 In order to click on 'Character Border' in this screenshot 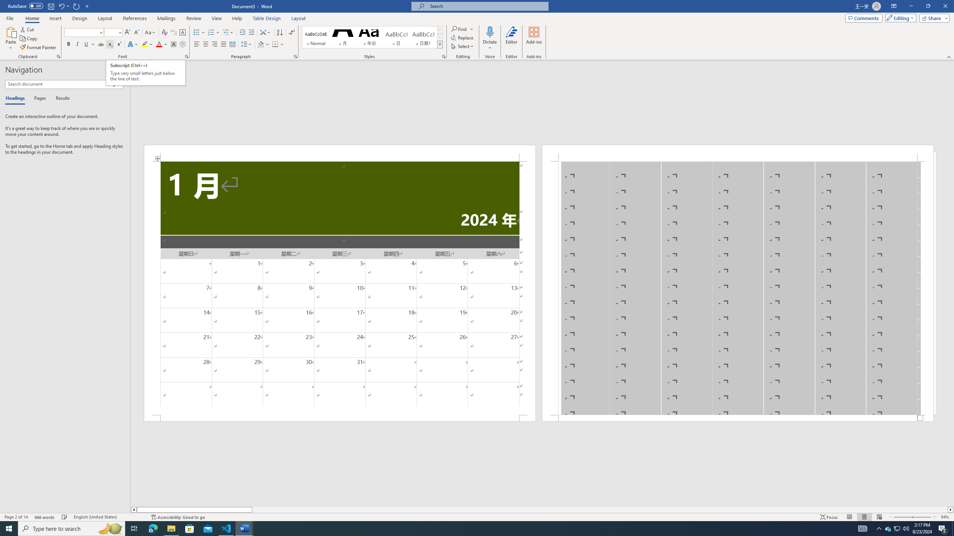, I will do `click(182, 32)`.